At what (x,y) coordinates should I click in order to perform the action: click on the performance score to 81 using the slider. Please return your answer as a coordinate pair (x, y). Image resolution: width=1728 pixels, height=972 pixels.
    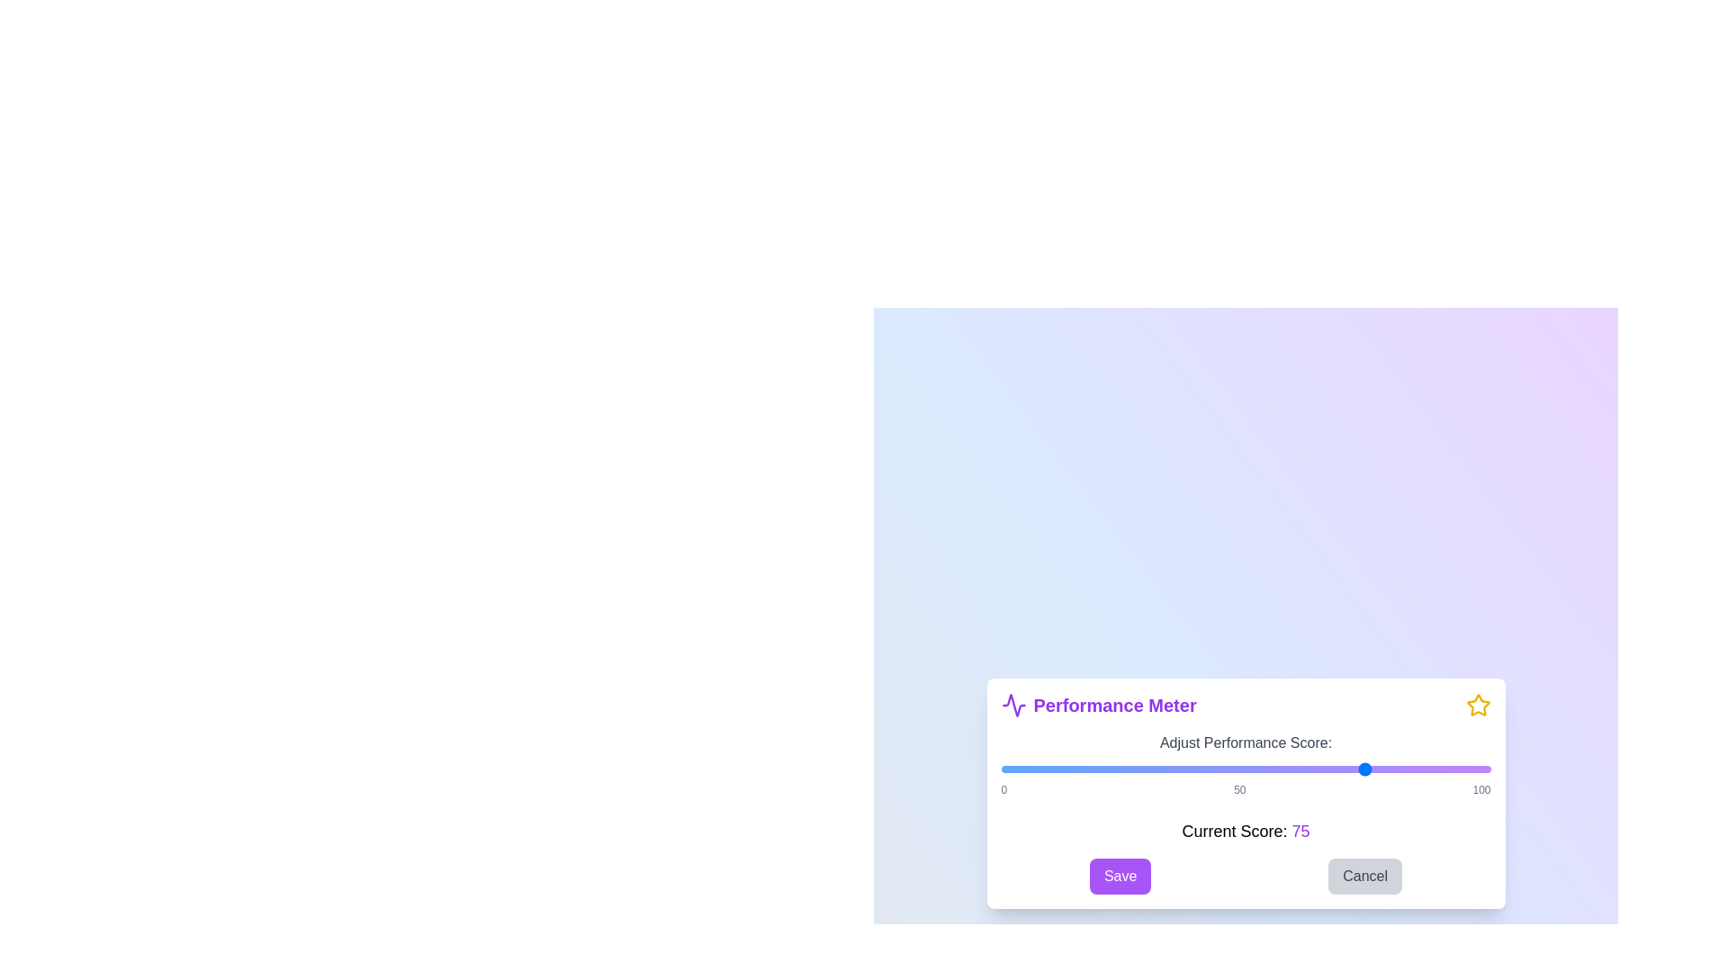
    Looking at the image, I should click on (1397, 769).